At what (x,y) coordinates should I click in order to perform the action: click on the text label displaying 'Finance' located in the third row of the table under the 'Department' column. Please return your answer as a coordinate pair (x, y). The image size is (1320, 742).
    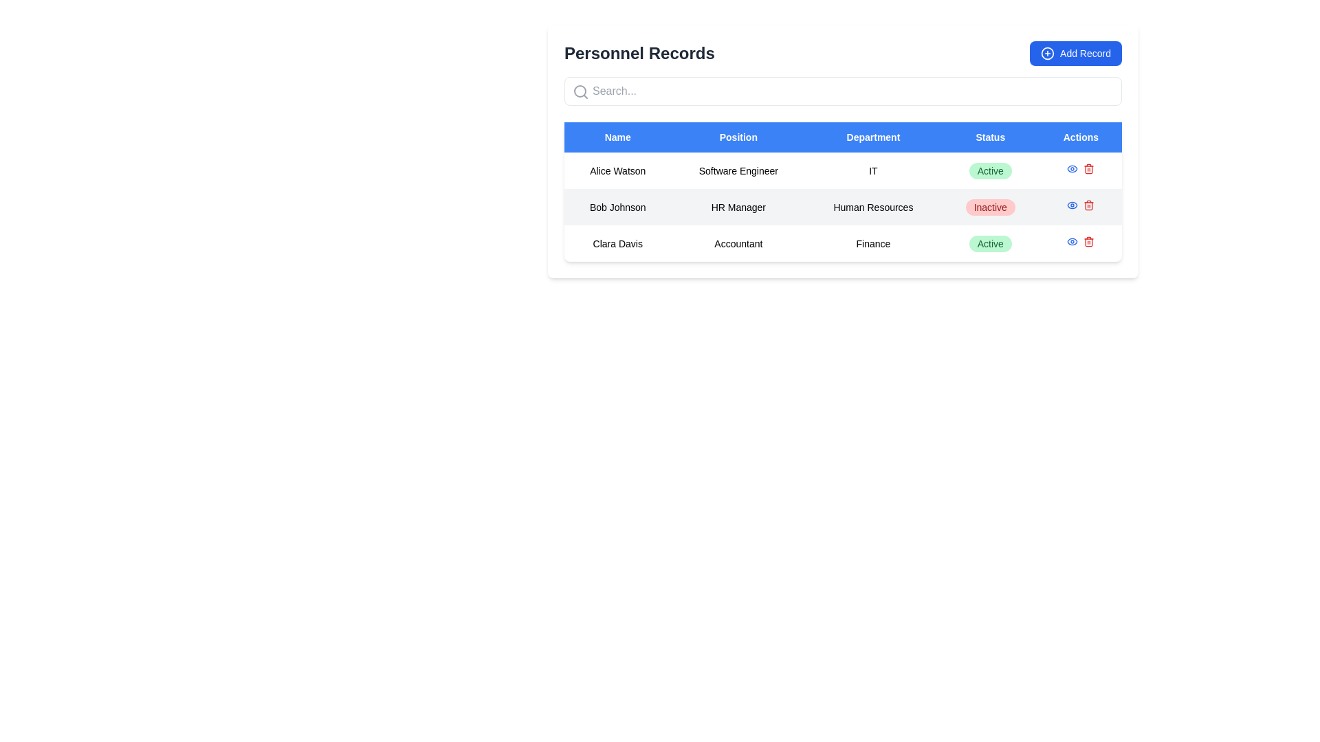
    Looking at the image, I should click on (872, 243).